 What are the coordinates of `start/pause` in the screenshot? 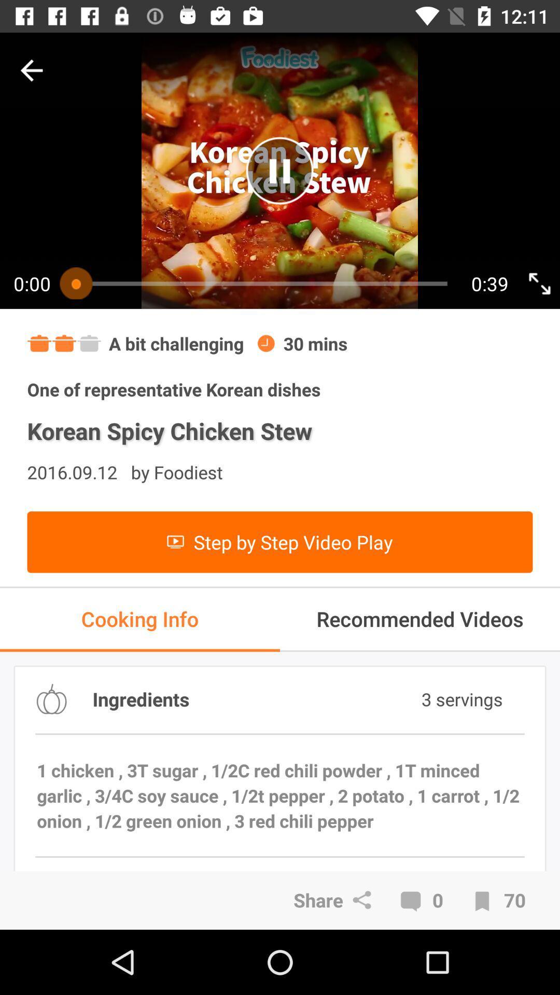 It's located at (279, 170).